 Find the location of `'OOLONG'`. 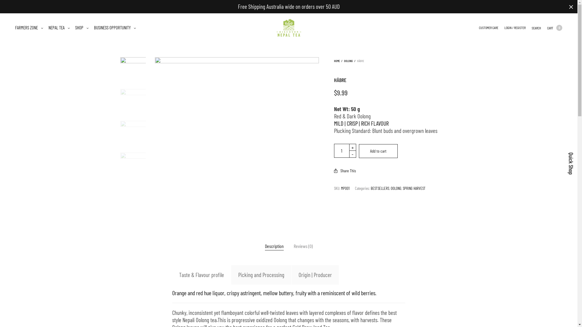

'OOLONG' is located at coordinates (396, 188).